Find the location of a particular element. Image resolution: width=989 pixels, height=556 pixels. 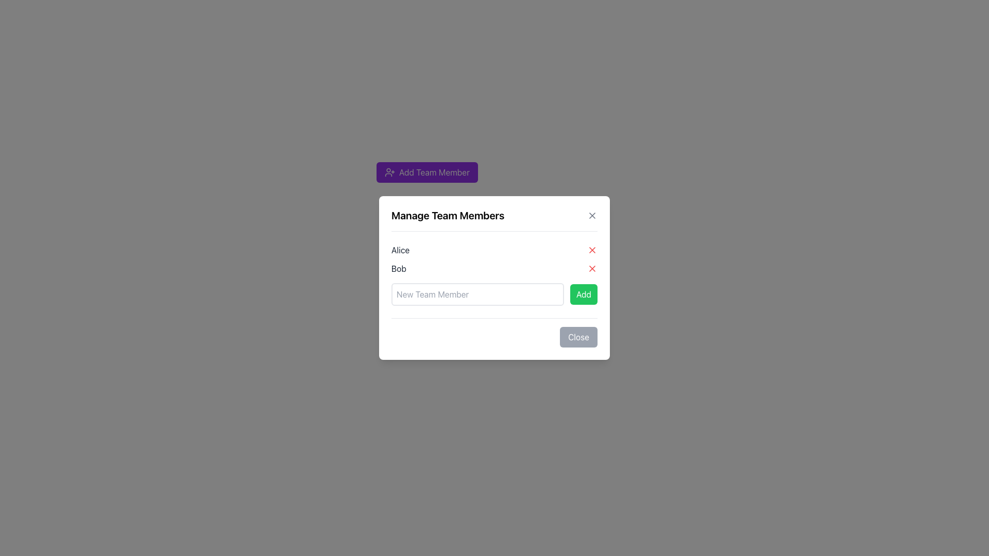

the central area of the team management modal pop-up interface to interact with its options is located at coordinates (494, 278).